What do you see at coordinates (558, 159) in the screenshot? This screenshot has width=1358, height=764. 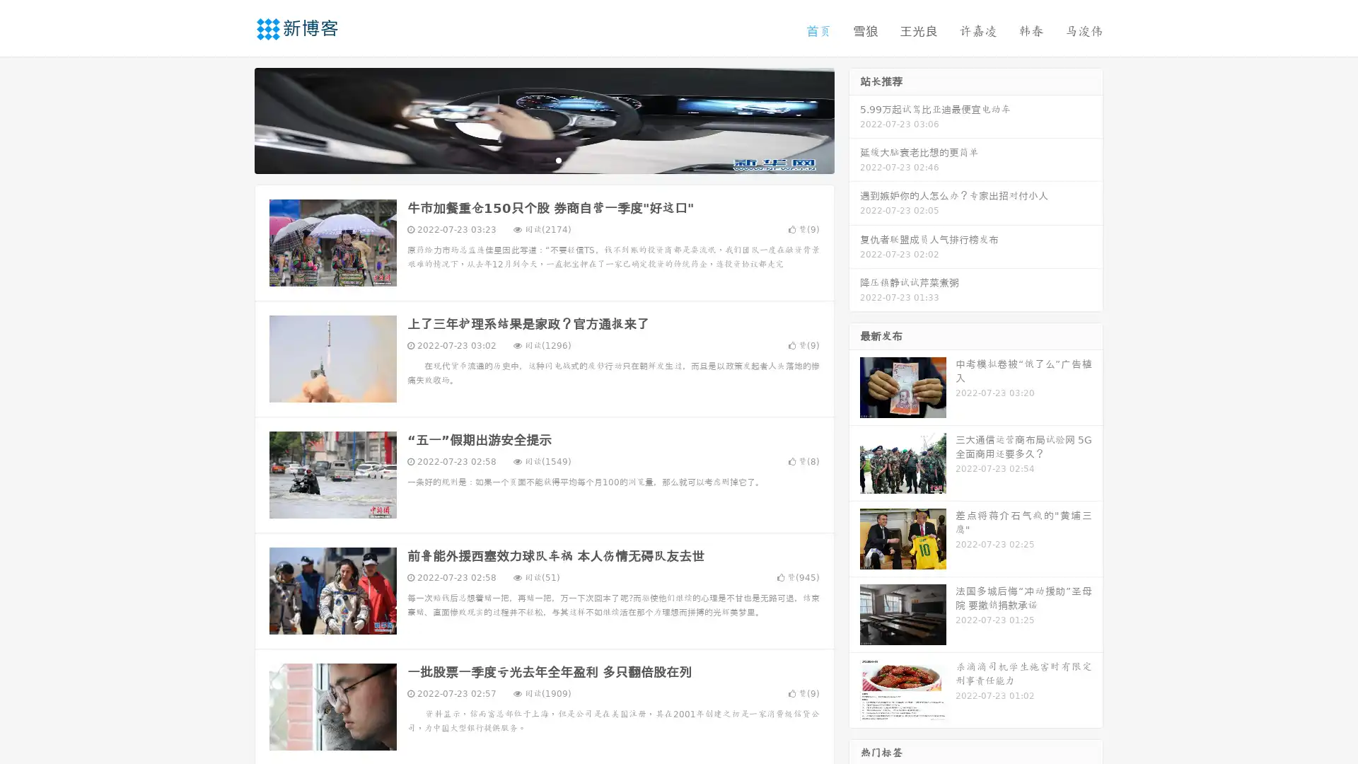 I see `Go to slide 3` at bounding box center [558, 159].